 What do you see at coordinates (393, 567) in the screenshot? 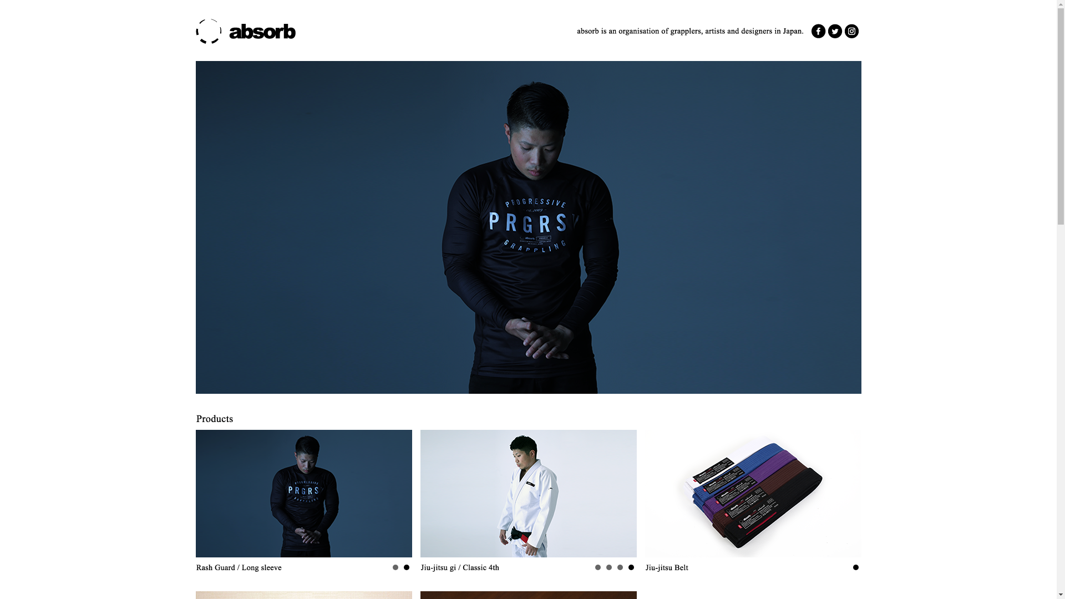
I see `'2'` at bounding box center [393, 567].